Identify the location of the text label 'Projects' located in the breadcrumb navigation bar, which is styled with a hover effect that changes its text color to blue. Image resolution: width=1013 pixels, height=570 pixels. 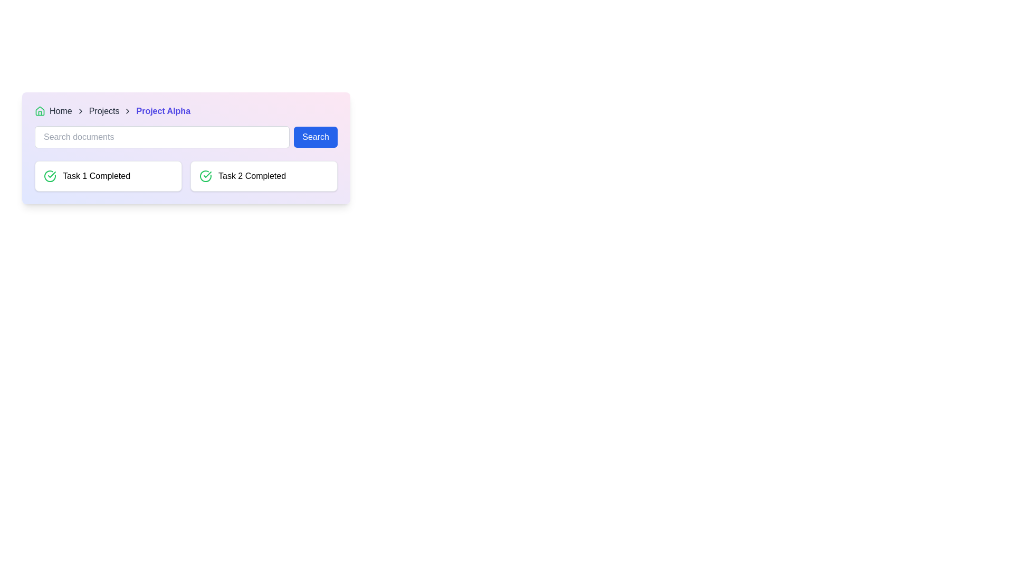
(104, 111).